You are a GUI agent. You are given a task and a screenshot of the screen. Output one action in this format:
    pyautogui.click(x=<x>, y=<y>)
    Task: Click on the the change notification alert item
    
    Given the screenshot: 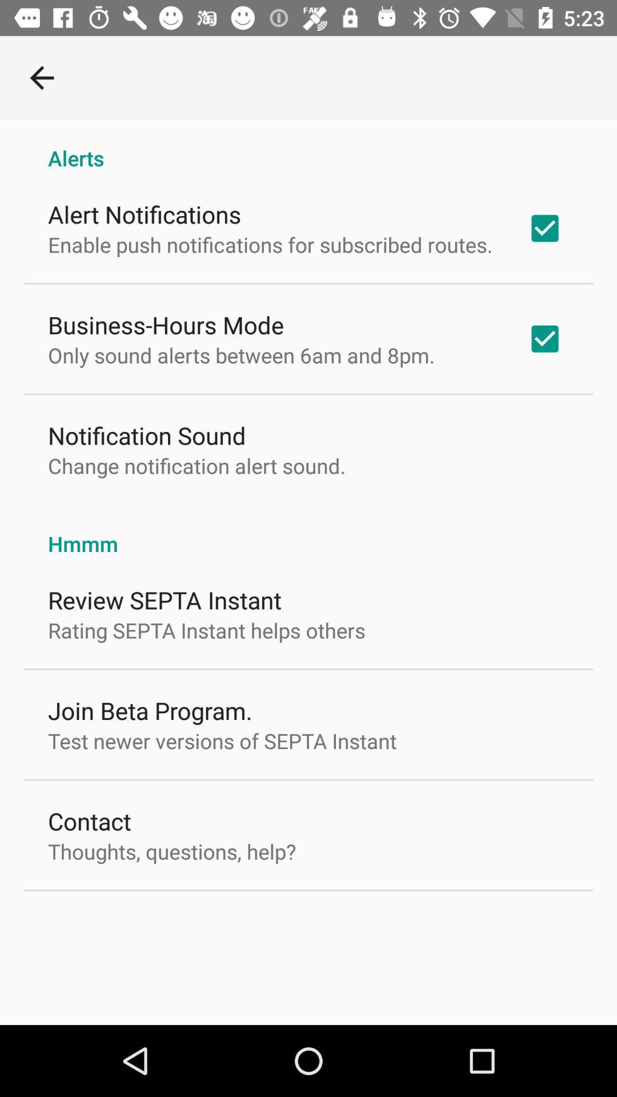 What is the action you would take?
    pyautogui.click(x=196, y=466)
    